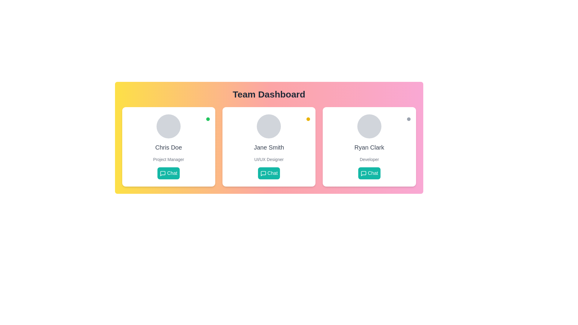 The width and height of the screenshot is (578, 325). What do you see at coordinates (169, 126) in the screenshot?
I see `the circular Profile Photo Placeholder, which is located at the top center of the white card above the text 'Chris Doe'` at bounding box center [169, 126].